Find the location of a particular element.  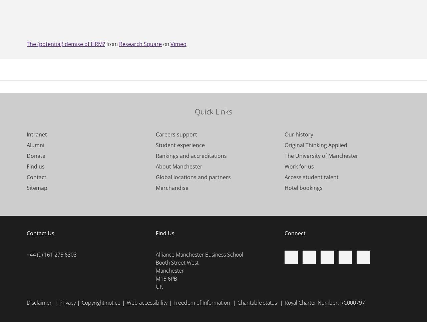

'on' is located at coordinates (166, 44).